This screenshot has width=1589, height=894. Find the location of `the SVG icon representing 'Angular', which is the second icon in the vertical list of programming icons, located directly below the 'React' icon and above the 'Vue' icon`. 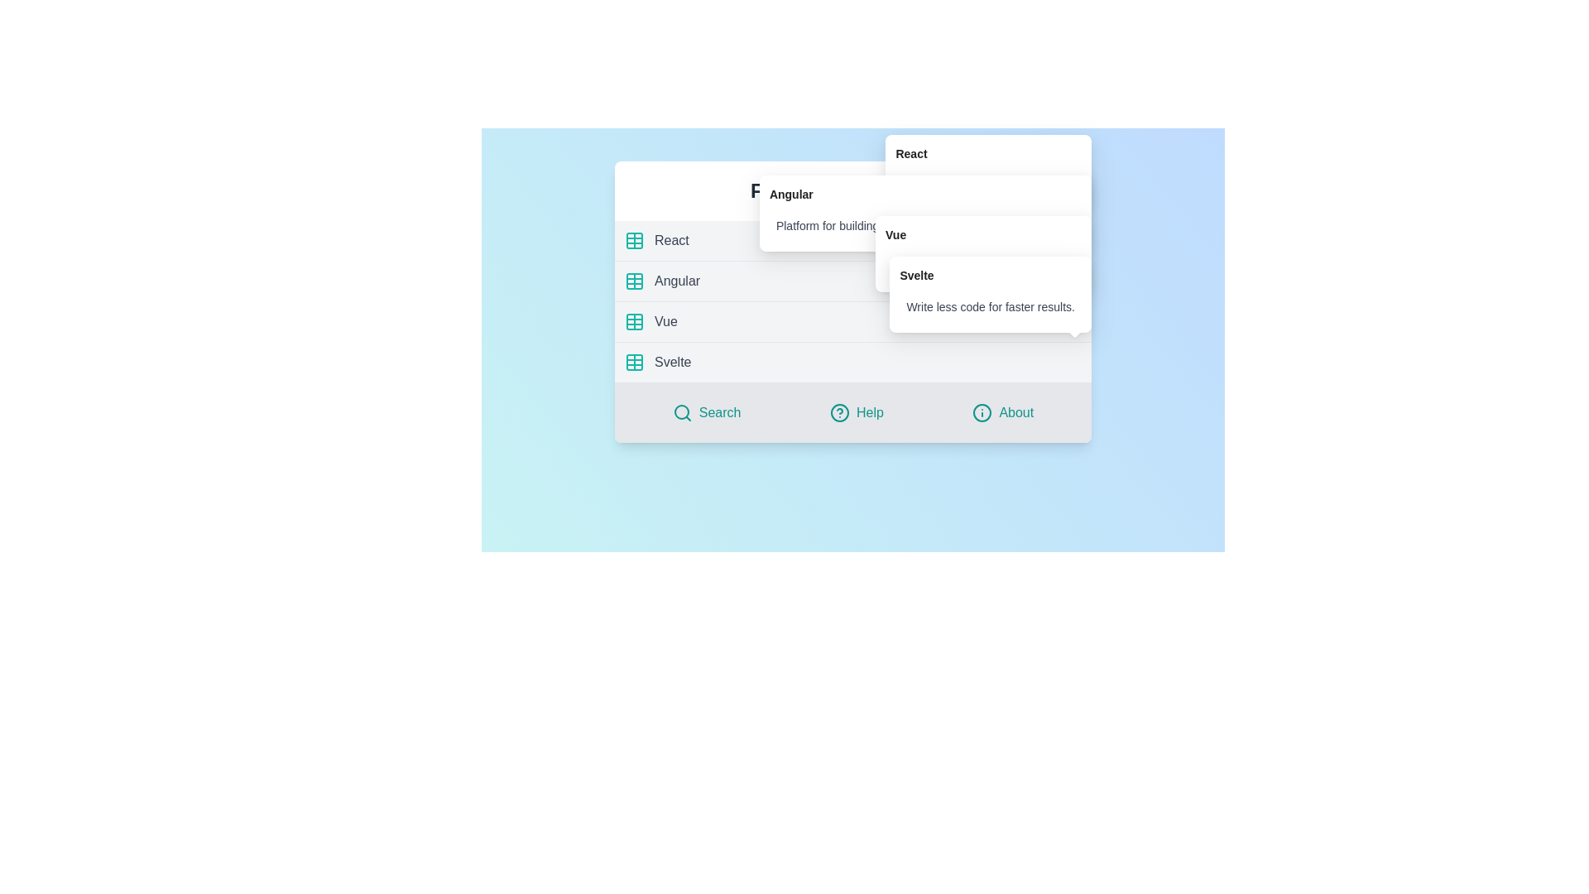

the SVG icon representing 'Angular', which is the second icon in the vertical list of programming icons, located directly below the 'React' icon and above the 'Vue' icon is located at coordinates (634, 280).